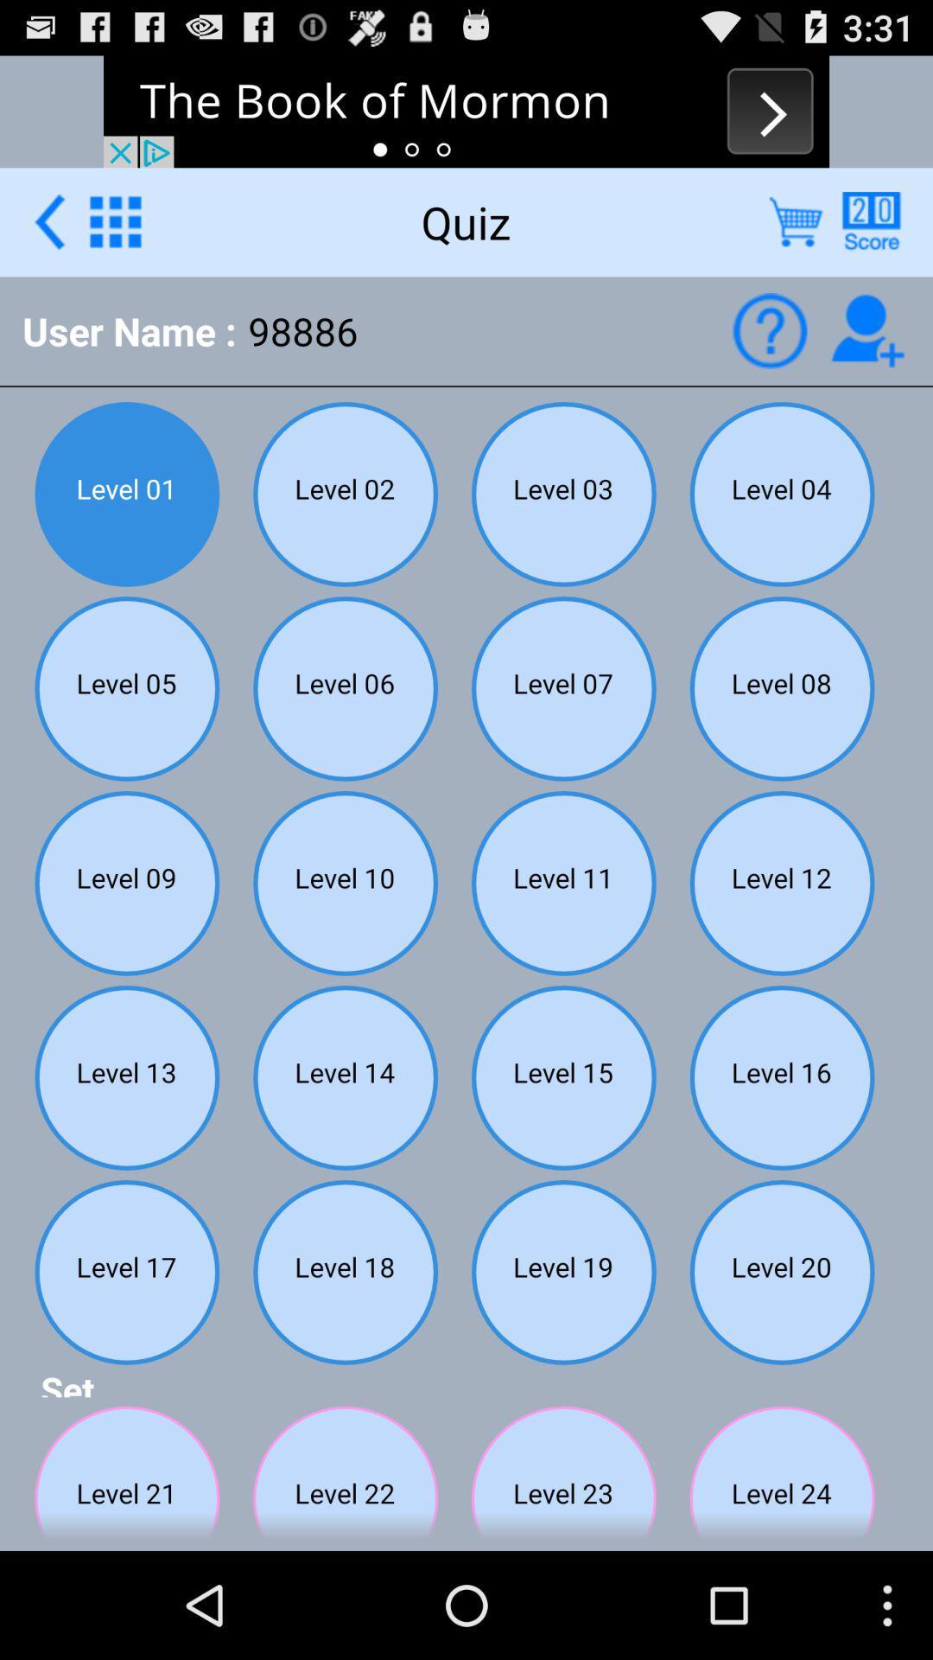 The width and height of the screenshot is (933, 1660). Describe the element at coordinates (871, 220) in the screenshot. I see `help` at that location.